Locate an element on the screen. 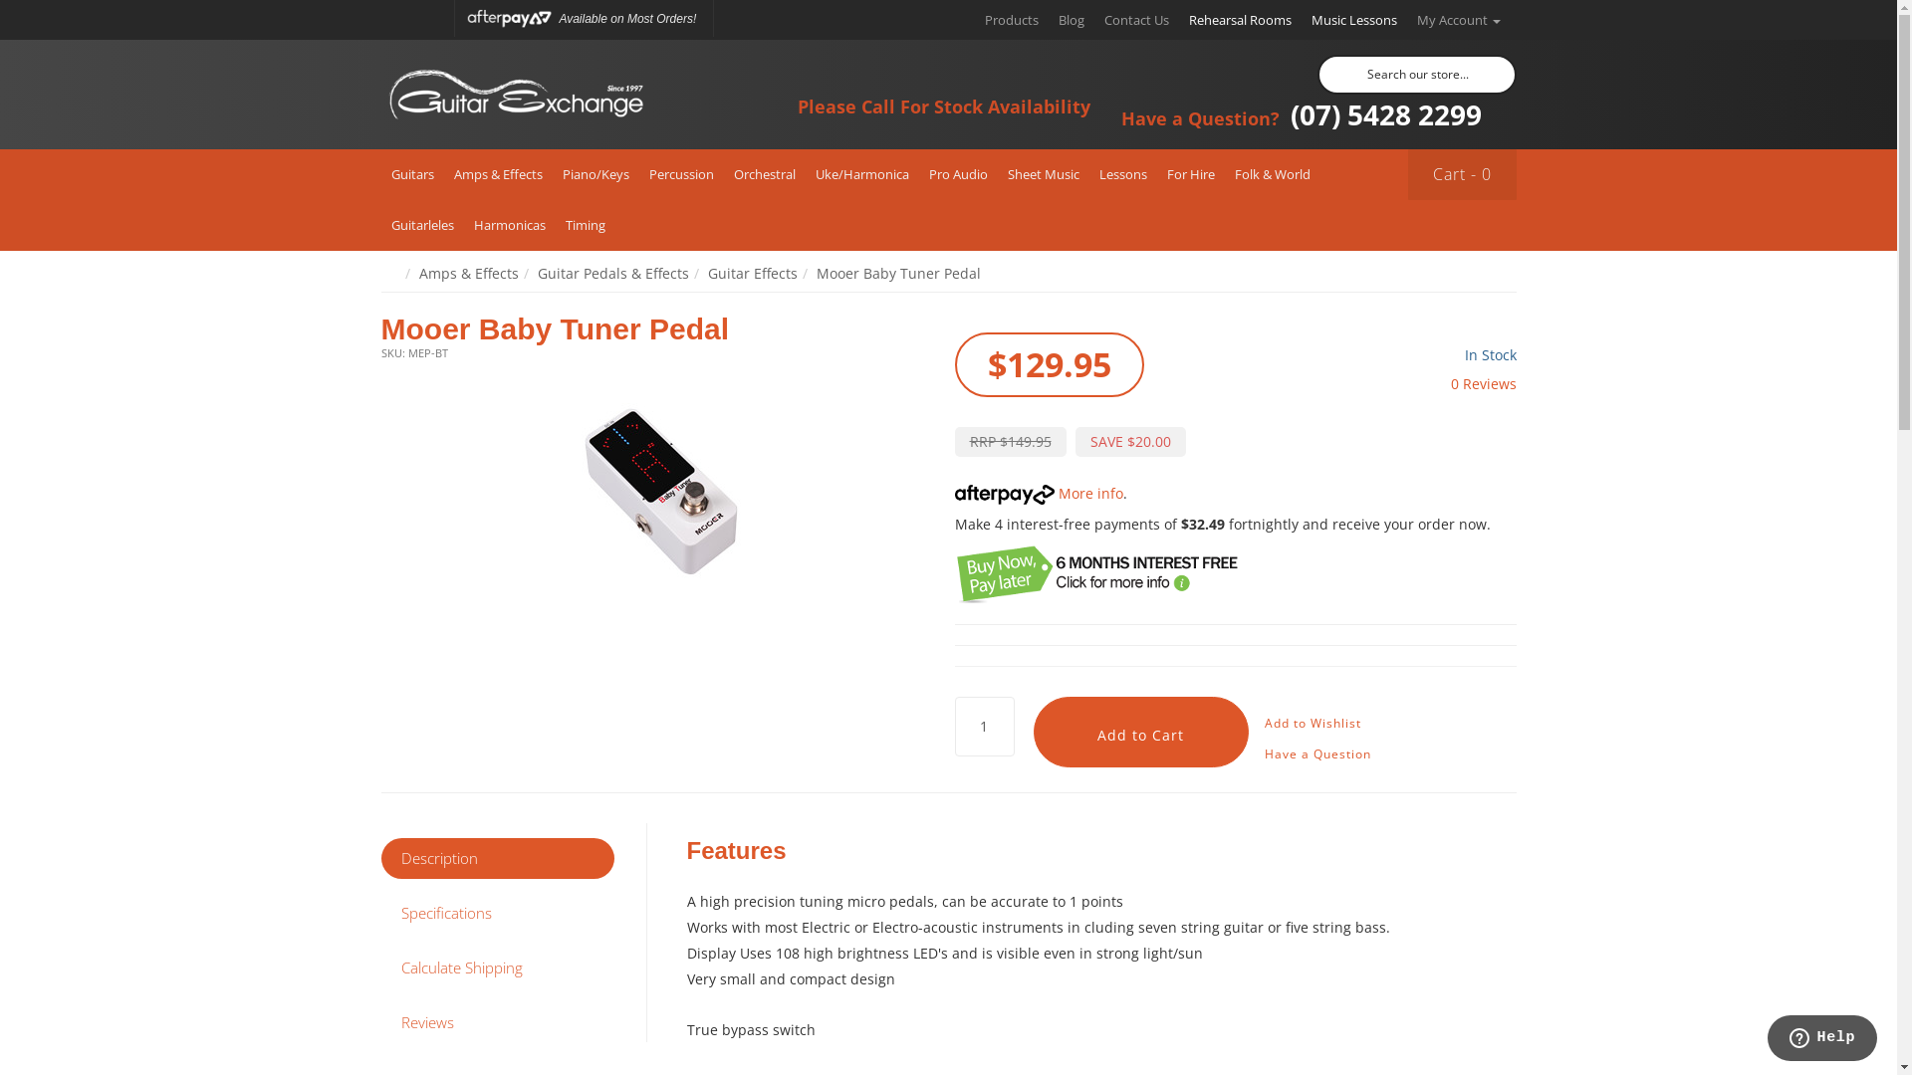  'More info' is located at coordinates (1037, 493).